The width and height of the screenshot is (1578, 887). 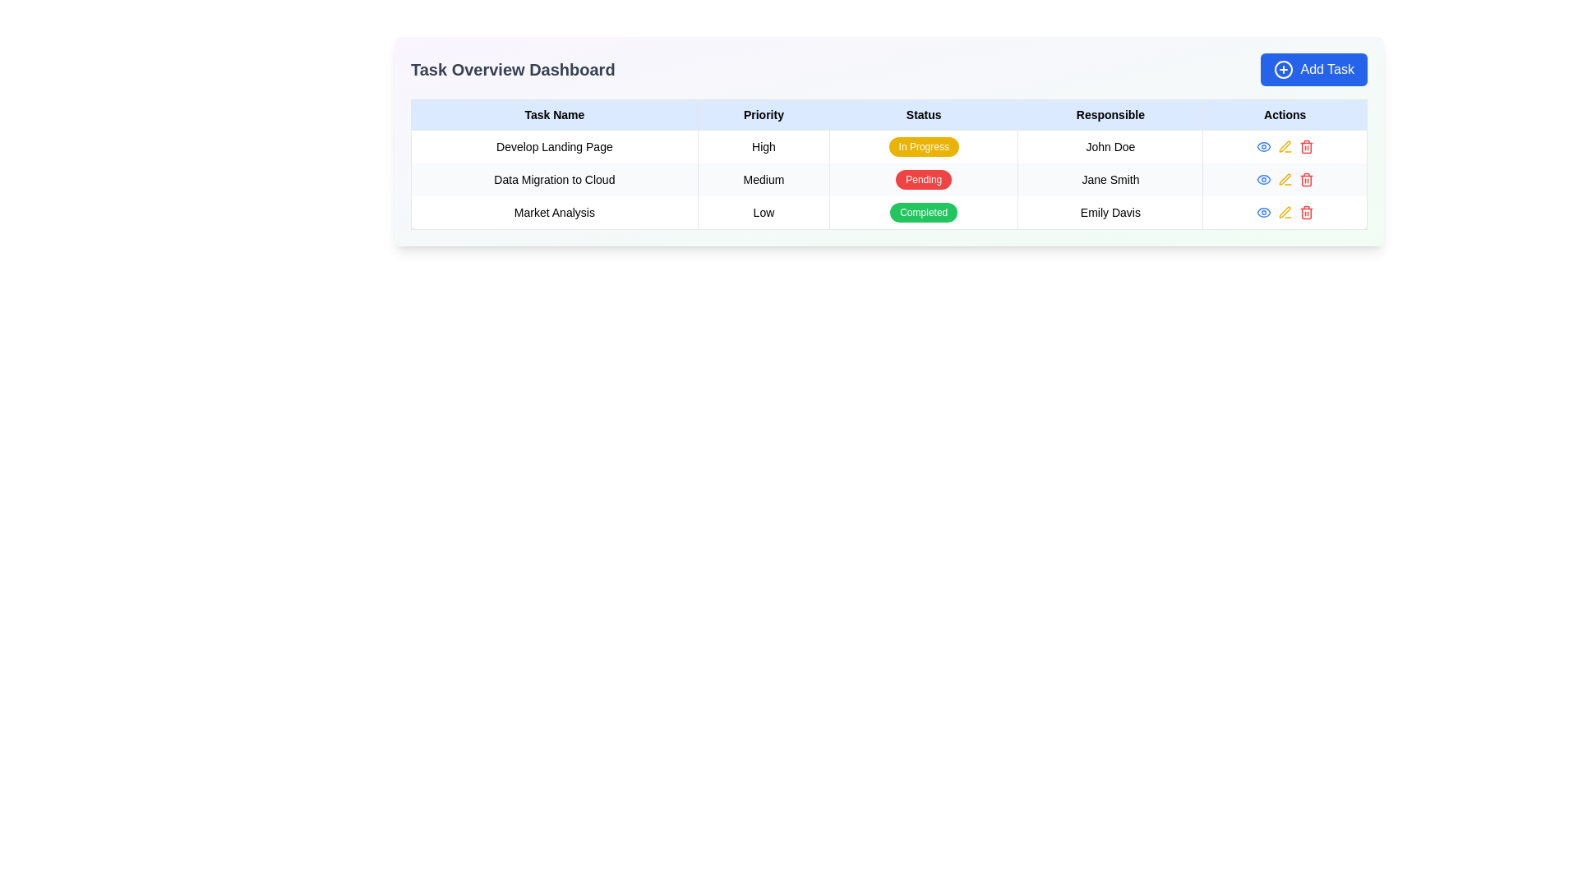 I want to click on the yellow badge labeled 'In Progress' located in the 'Status' column of the first row of the task overview table, so click(x=924, y=145).